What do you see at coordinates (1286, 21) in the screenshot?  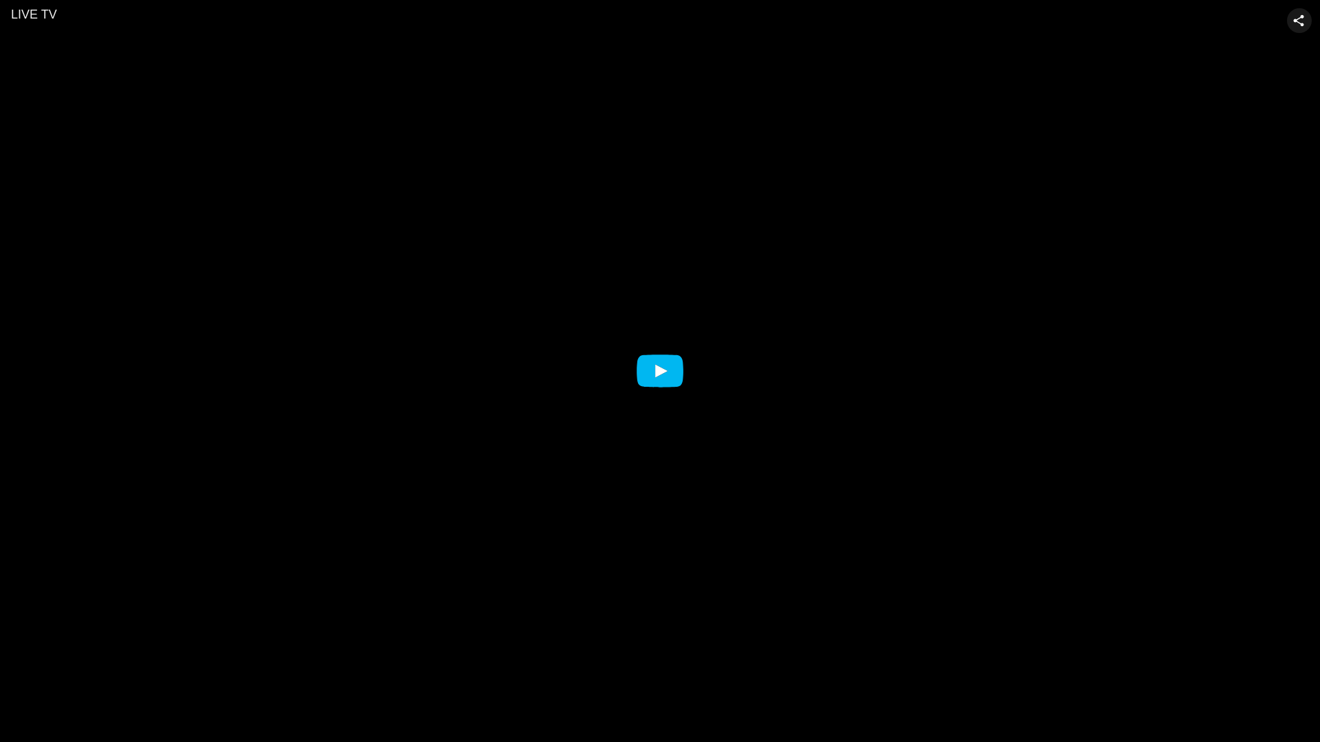 I see `'Share video'` at bounding box center [1286, 21].